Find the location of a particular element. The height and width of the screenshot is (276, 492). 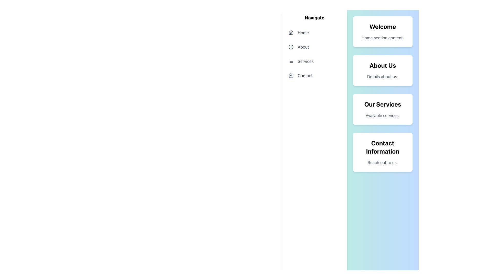

the 'About' text label in the vertical navigation menu, which is styled in a medium-sized font and is positioned next to an information icon is located at coordinates (303, 47).